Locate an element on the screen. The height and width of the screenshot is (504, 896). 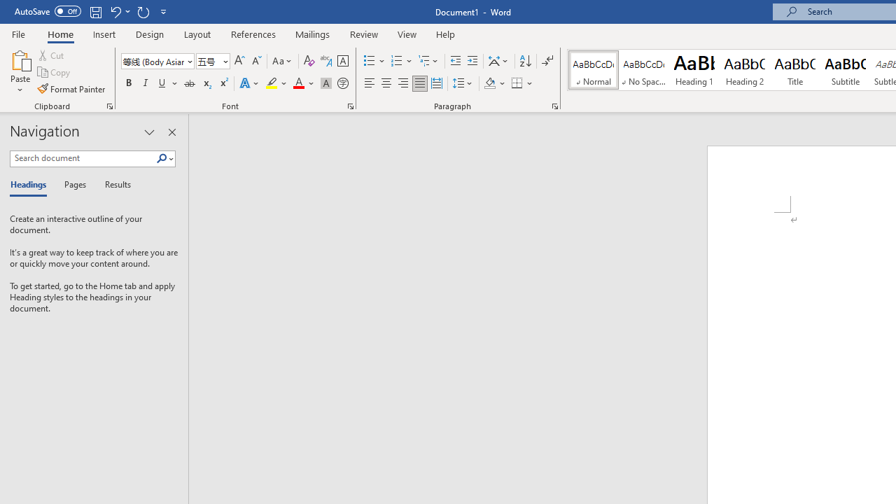
'Font Color Red' is located at coordinates (297, 83).